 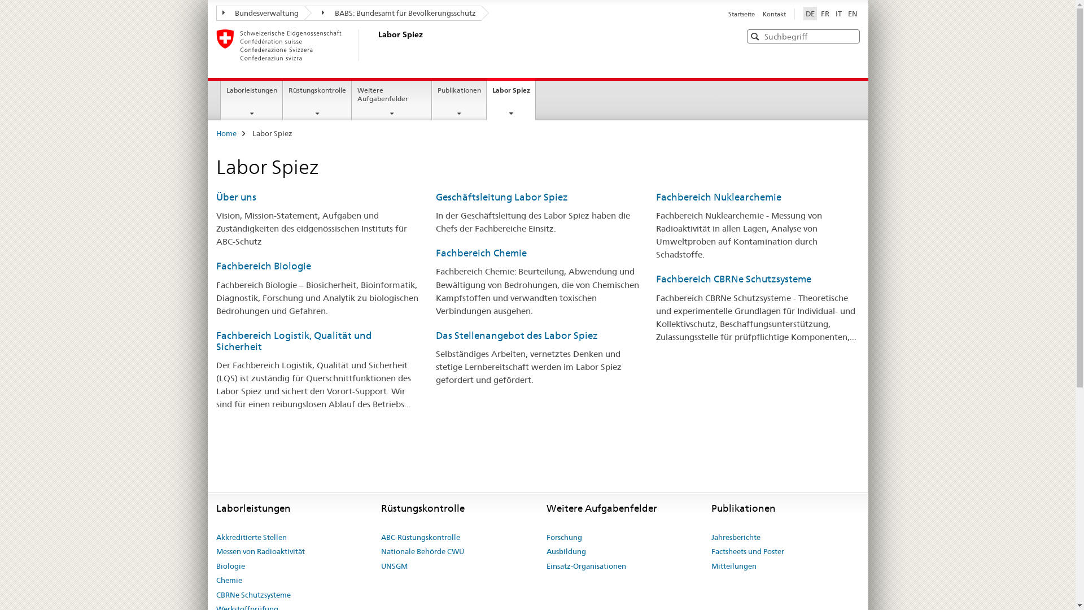 I want to click on 'Jahresberichte', so click(x=736, y=537).